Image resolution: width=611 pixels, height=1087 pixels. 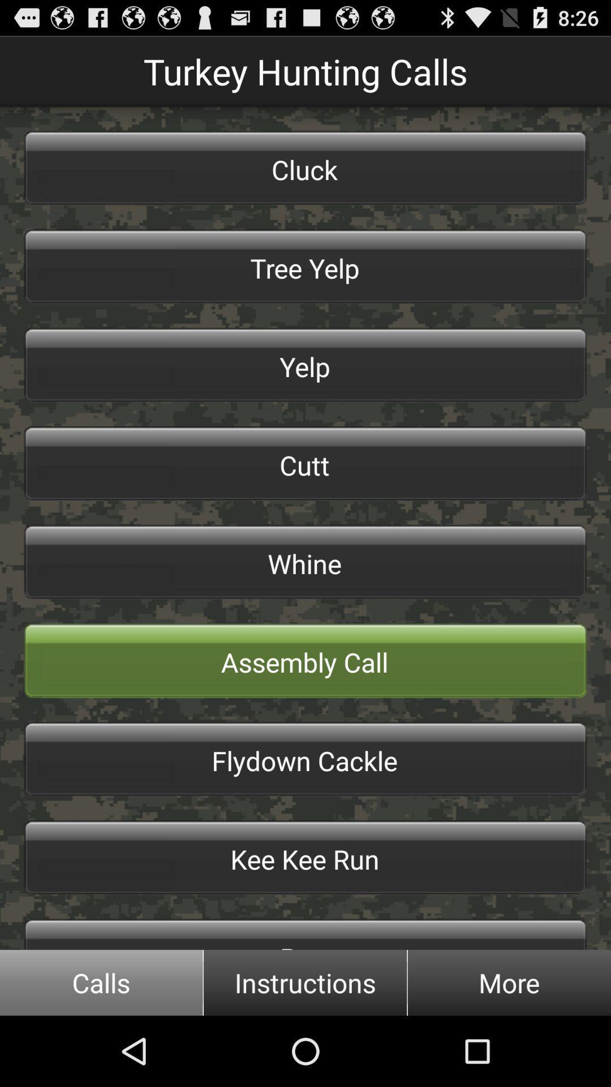 I want to click on the icon below cutt button, so click(x=305, y=562).